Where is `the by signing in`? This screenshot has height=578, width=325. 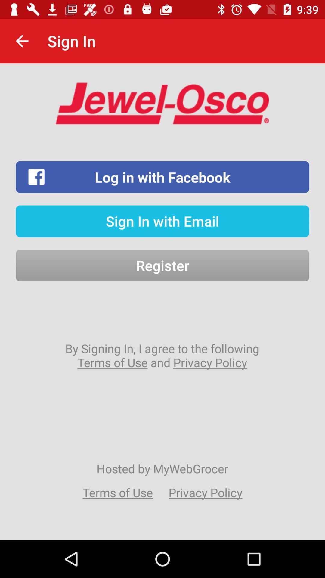
the by signing in is located at coordinates (162, 355).